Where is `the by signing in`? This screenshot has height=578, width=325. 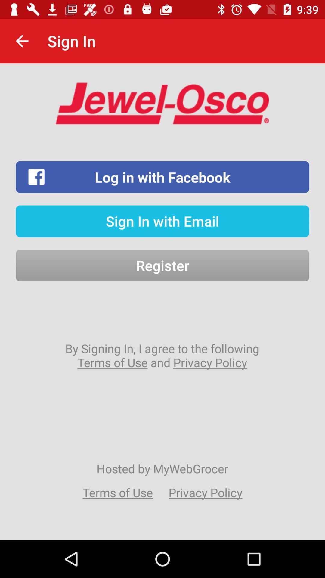
the by signing in is located at coordinates (162, 355).